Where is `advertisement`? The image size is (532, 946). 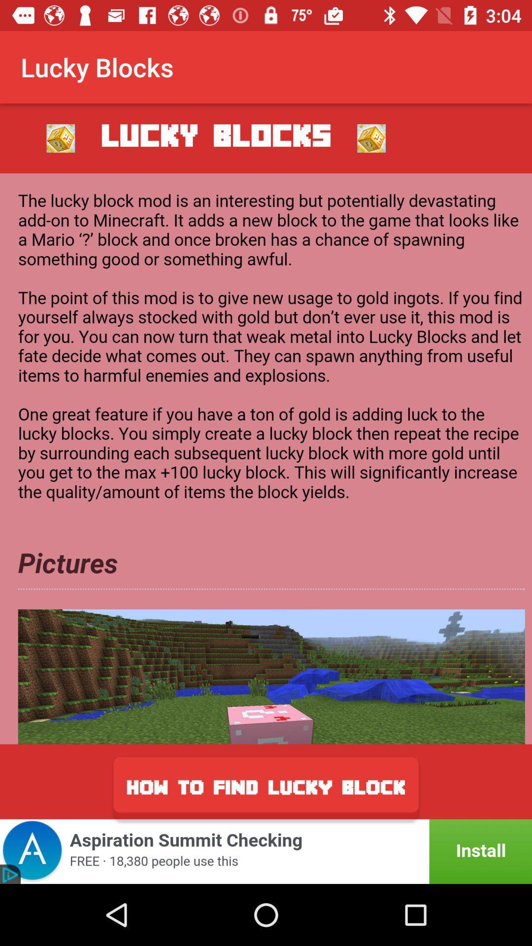 advertisement is located at coordinates (266, 458).